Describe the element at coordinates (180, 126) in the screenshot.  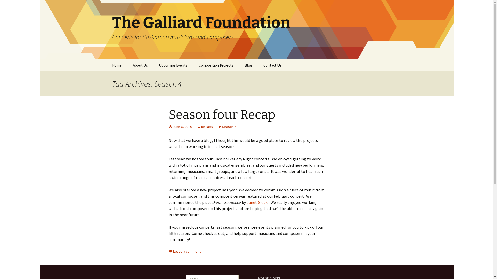
I see `'June 6, 2015'` at that location.